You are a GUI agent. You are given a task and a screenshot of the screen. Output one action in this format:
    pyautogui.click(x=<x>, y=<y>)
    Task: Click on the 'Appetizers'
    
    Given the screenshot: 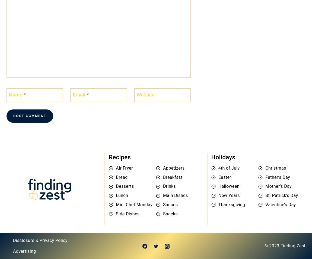 What is the action you would take?
    pyautogui.click(x=162, y=168)
    